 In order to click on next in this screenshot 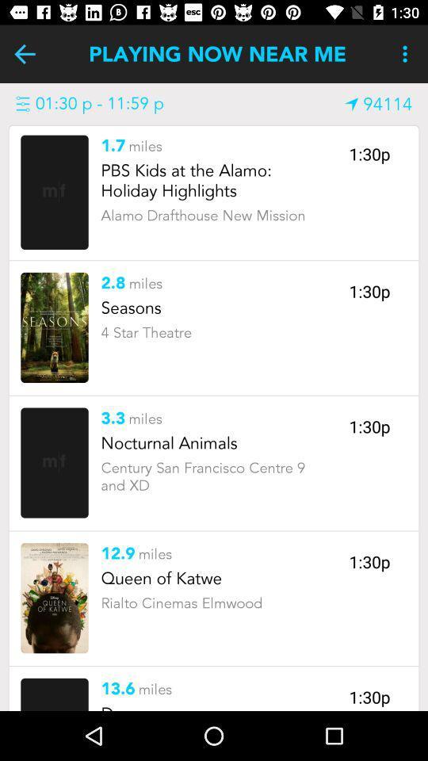, I will do `click(24, 54)`.